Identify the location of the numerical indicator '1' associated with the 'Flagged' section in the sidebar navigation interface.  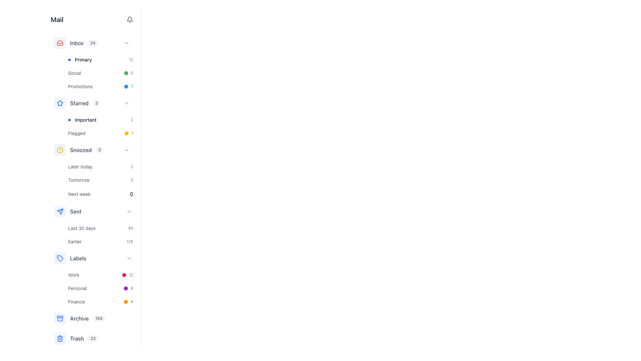
(132, 133).